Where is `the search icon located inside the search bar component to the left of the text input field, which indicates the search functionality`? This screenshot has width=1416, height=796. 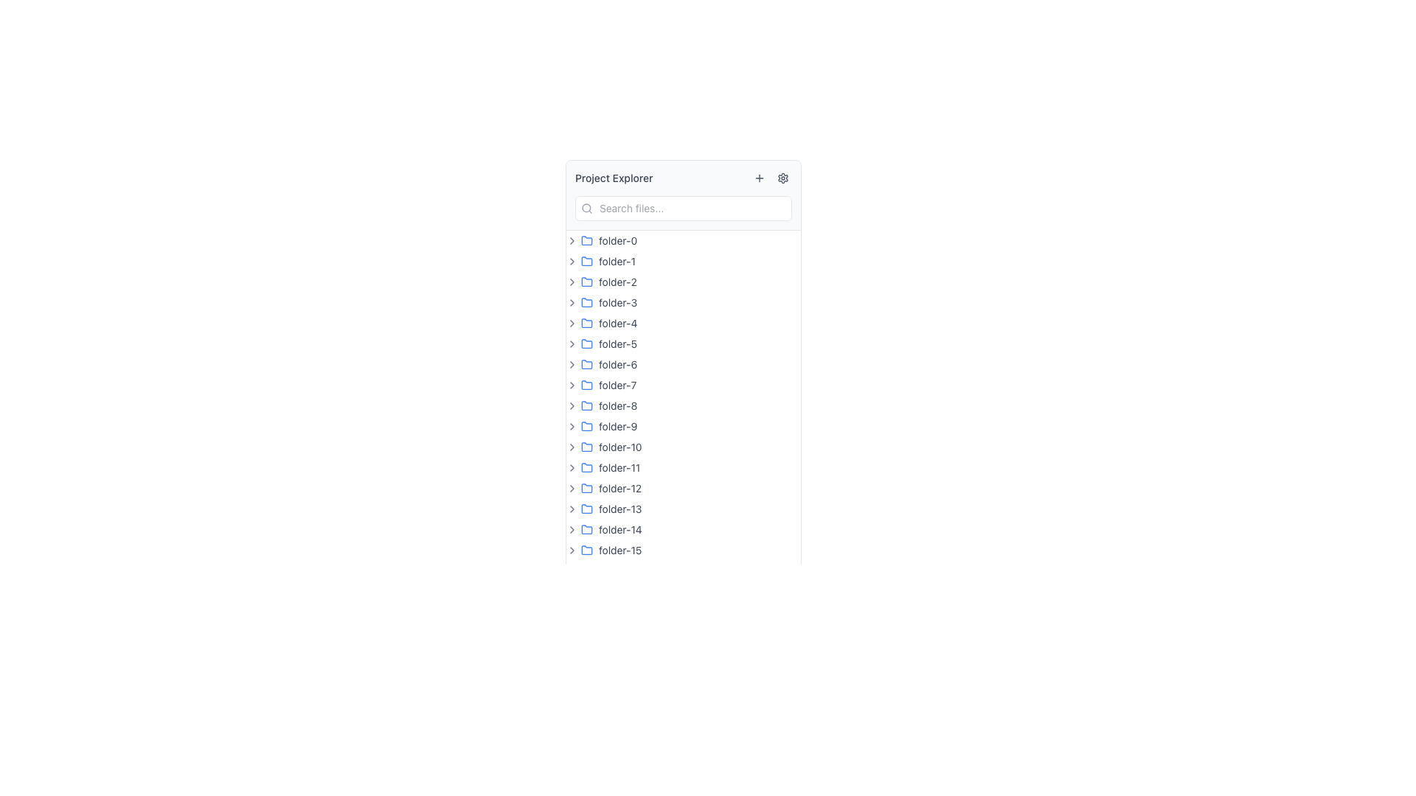 the search icon located inside the search bar component to the left of the text input field, which indicates the search functionality is located at coordinates (586, 208).